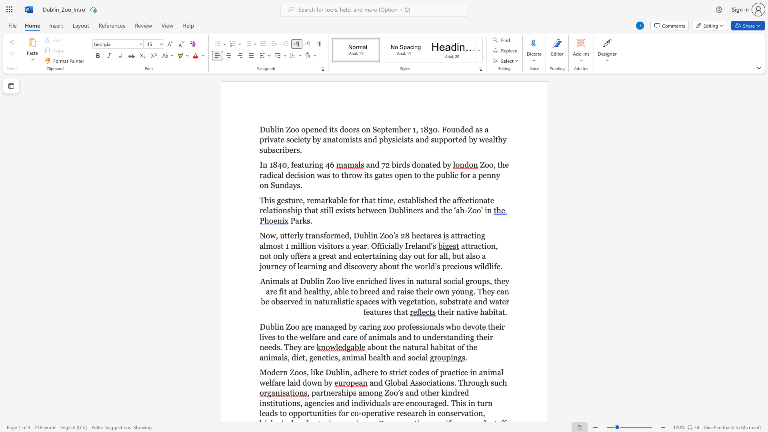 Image resolution: width=768 pixels, height=432 pixels. Describe the element at coordinates (493, 311) in the screenshot. I see `the subset text "ita" within the text "their native habitat."` at that location.